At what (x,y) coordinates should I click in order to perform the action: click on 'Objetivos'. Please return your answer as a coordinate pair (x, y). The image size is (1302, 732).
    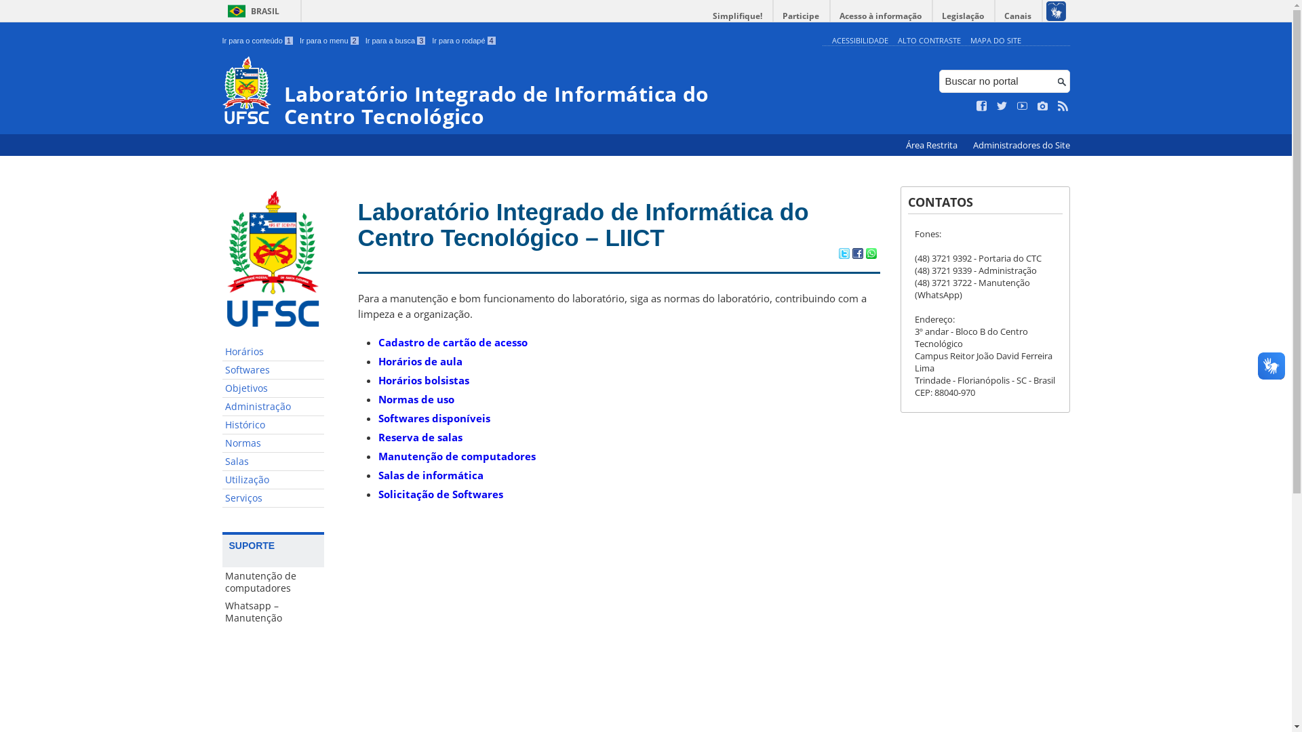
    Looking at the image, I should click on (222, 388).